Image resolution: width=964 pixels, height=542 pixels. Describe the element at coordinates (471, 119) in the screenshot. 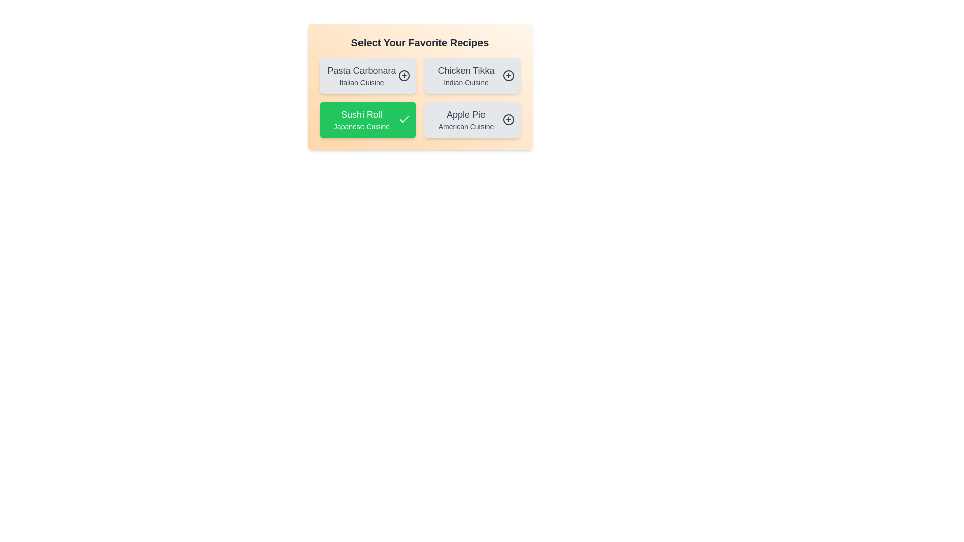

I see `the recipe card corresponding to Apple Pie to toggle its selection state` at that location.